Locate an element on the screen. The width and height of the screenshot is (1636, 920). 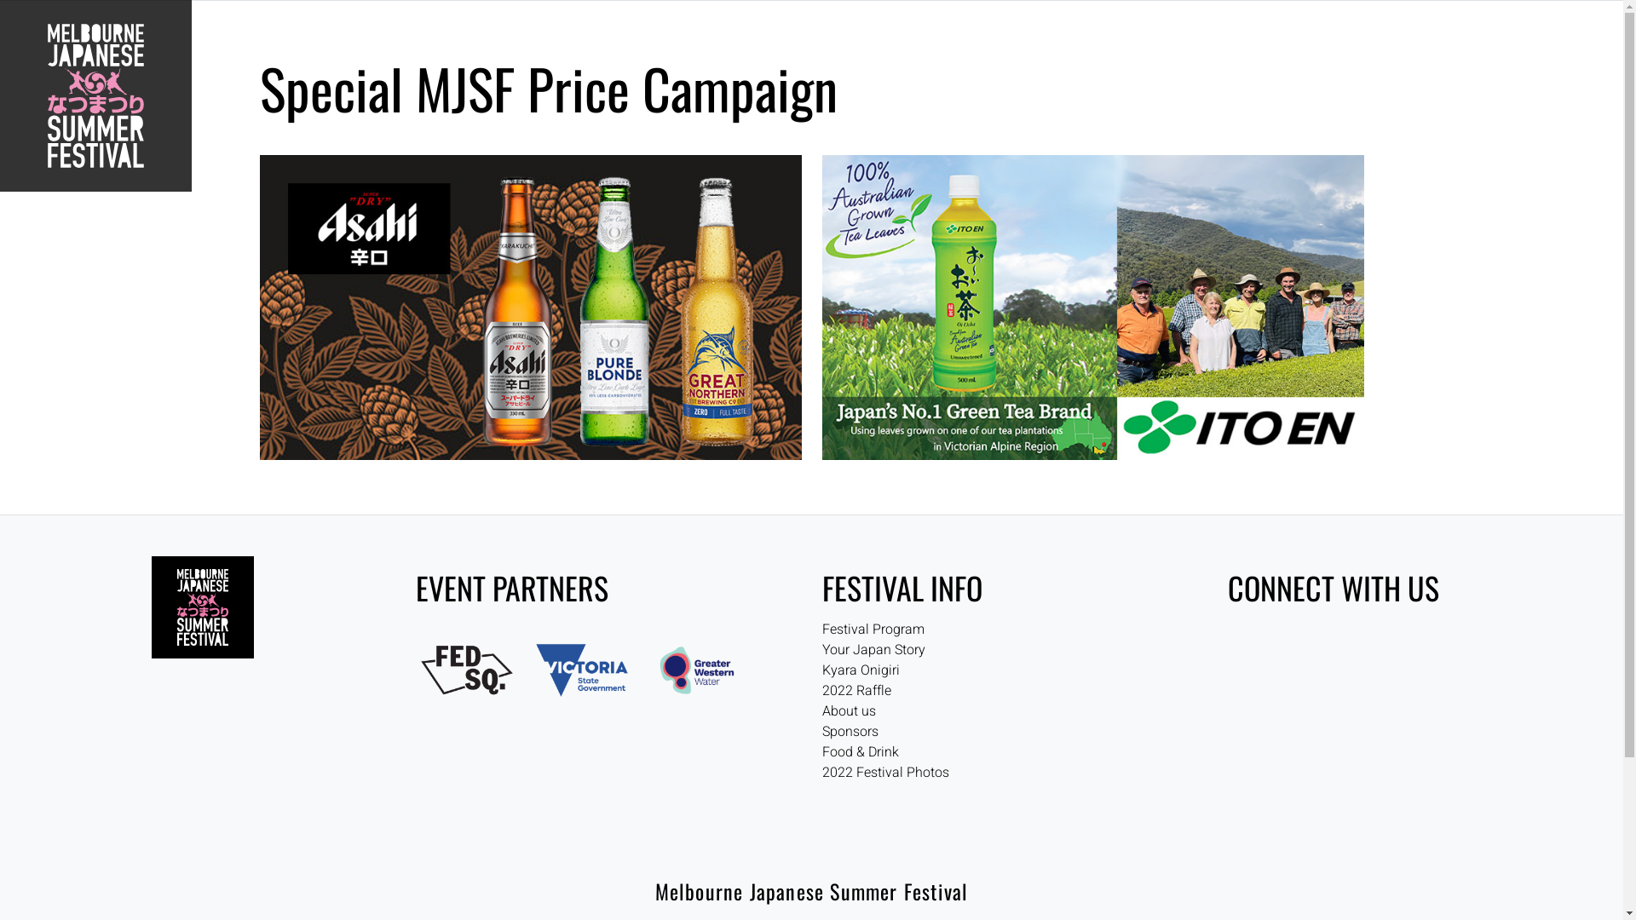
'2022 Raffle' is located at coordinates (821, 690).